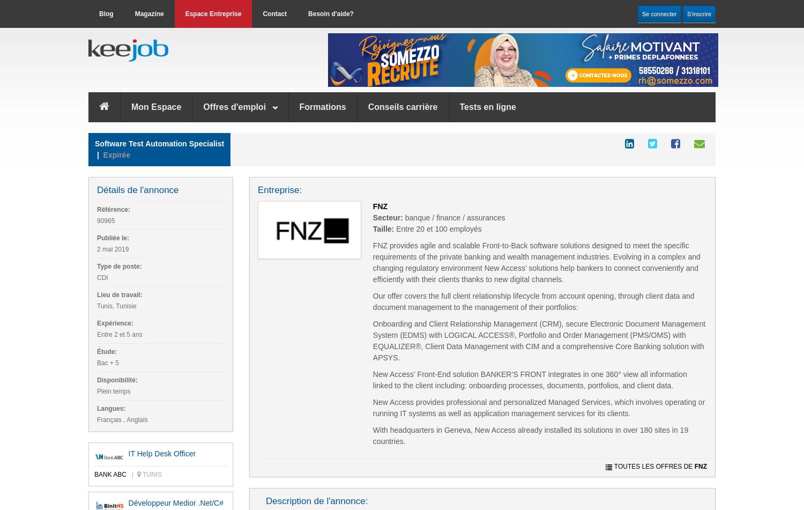 The height and width of the screenshot is (510, 804). Describe the element at coordinates (539, 339) in the screenshot. I see `'Onboarding and Client Relationship Management (CRM), secure Electronic Document Management System (EDMS) with LOGICAL ACCESS®, Portfolio and Order Management (PMS/OMS) with EQUALIZER®, Client Data Management with CIM and a comprehensive Core Banking solution with APSYS.'` at that location.